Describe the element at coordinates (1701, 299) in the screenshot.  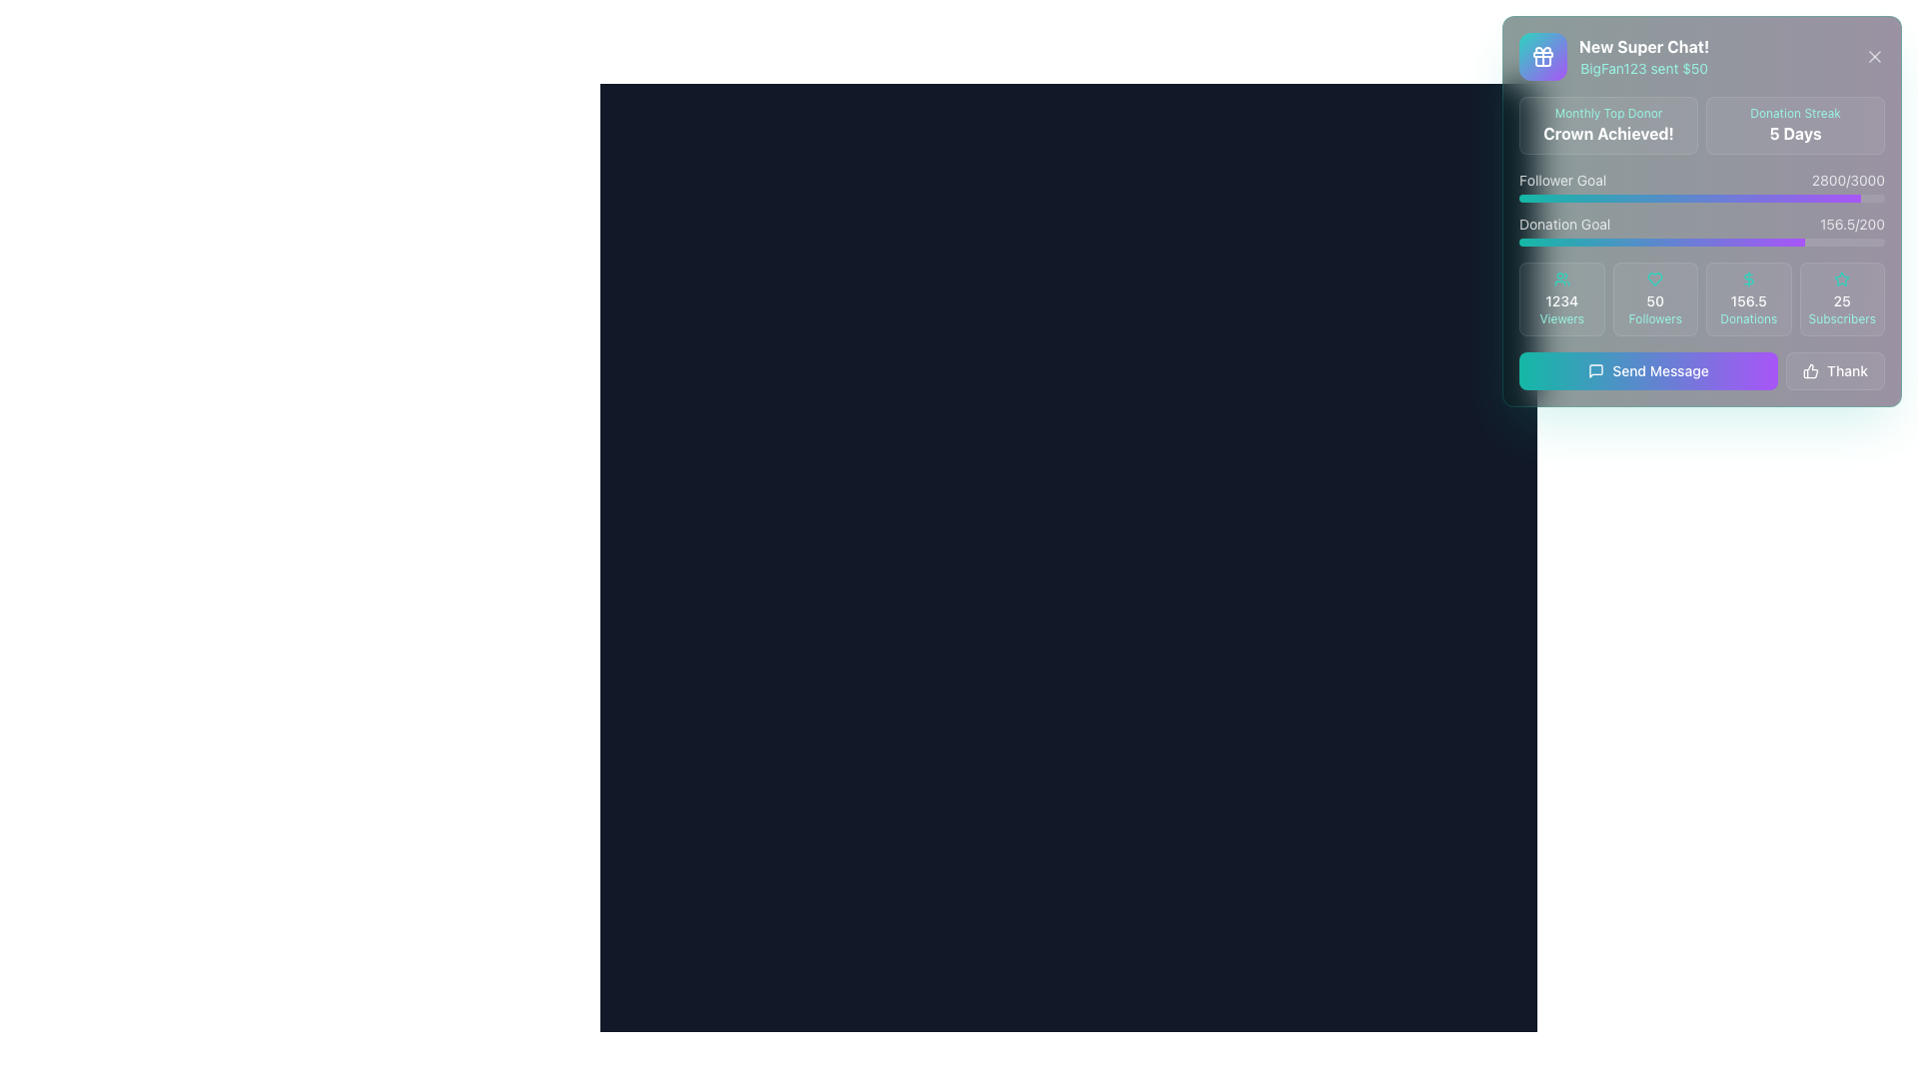
I see `the grid-based information display component that shows statistics related to event or user engagement, positioned above the 'Send Message' and 'Thank' buttons` at that location.